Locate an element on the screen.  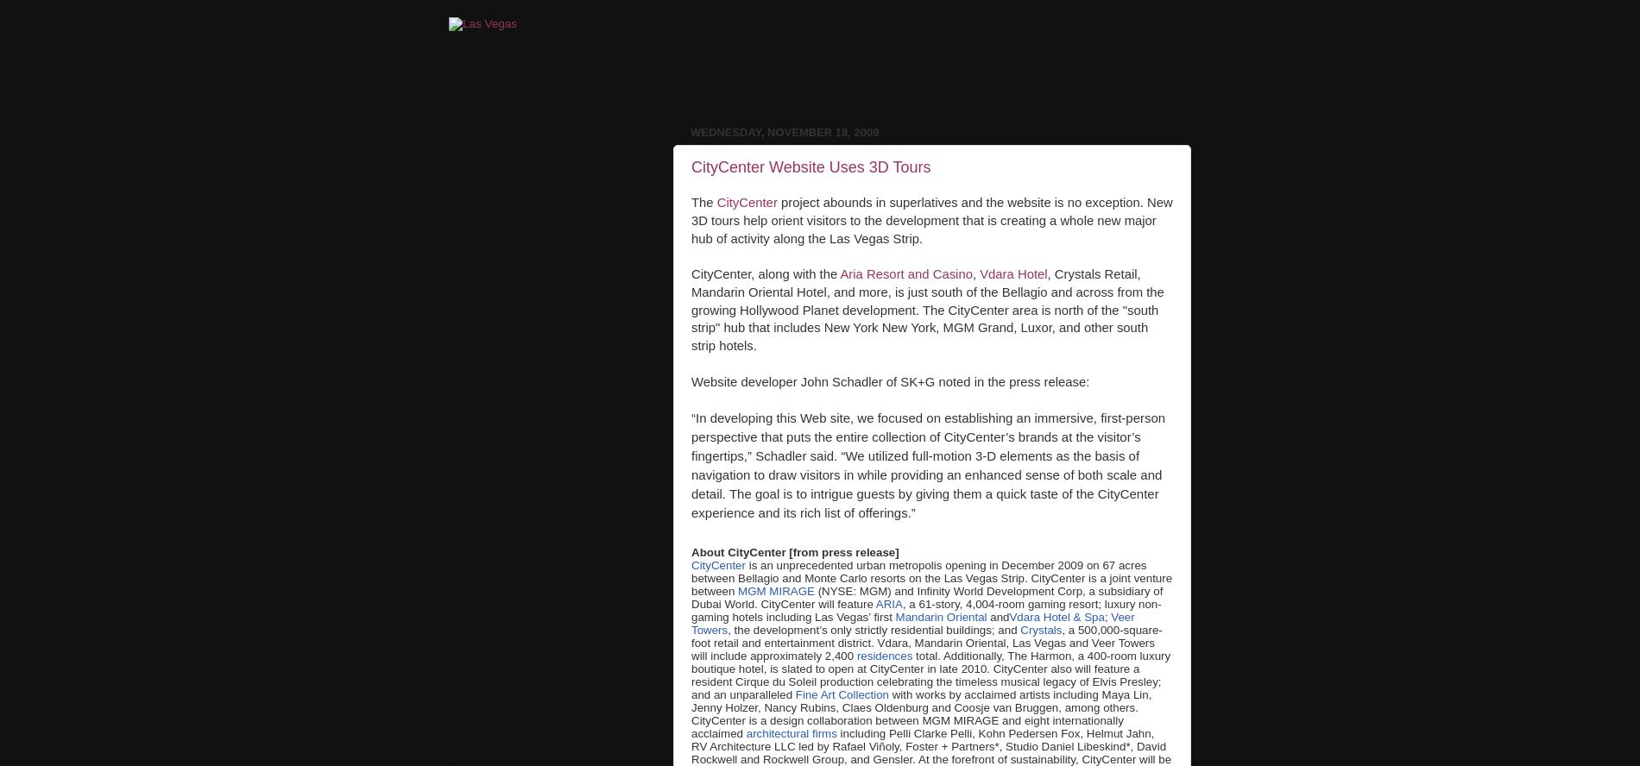
',' is located at coordinates (975, 273).